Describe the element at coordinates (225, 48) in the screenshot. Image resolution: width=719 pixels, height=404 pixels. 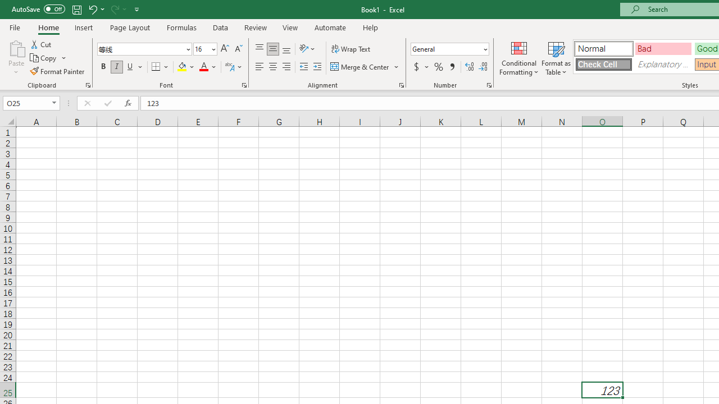
I see `'Increase Font Size'` at that location.